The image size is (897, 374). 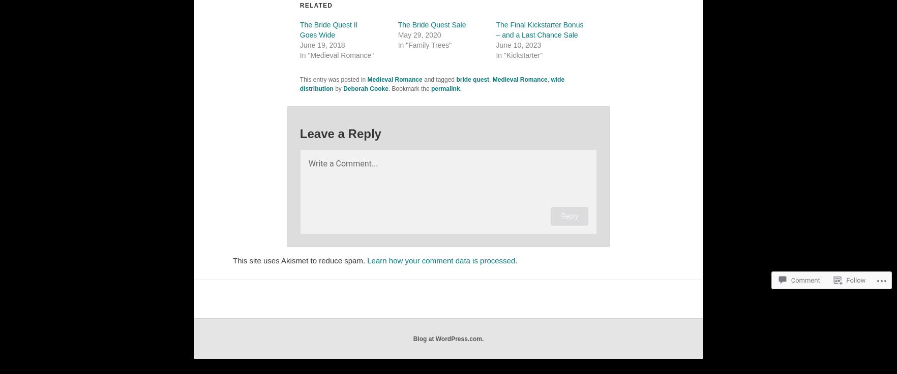 I want to click on 'Leave a Reply', so click(x=340, y=133).